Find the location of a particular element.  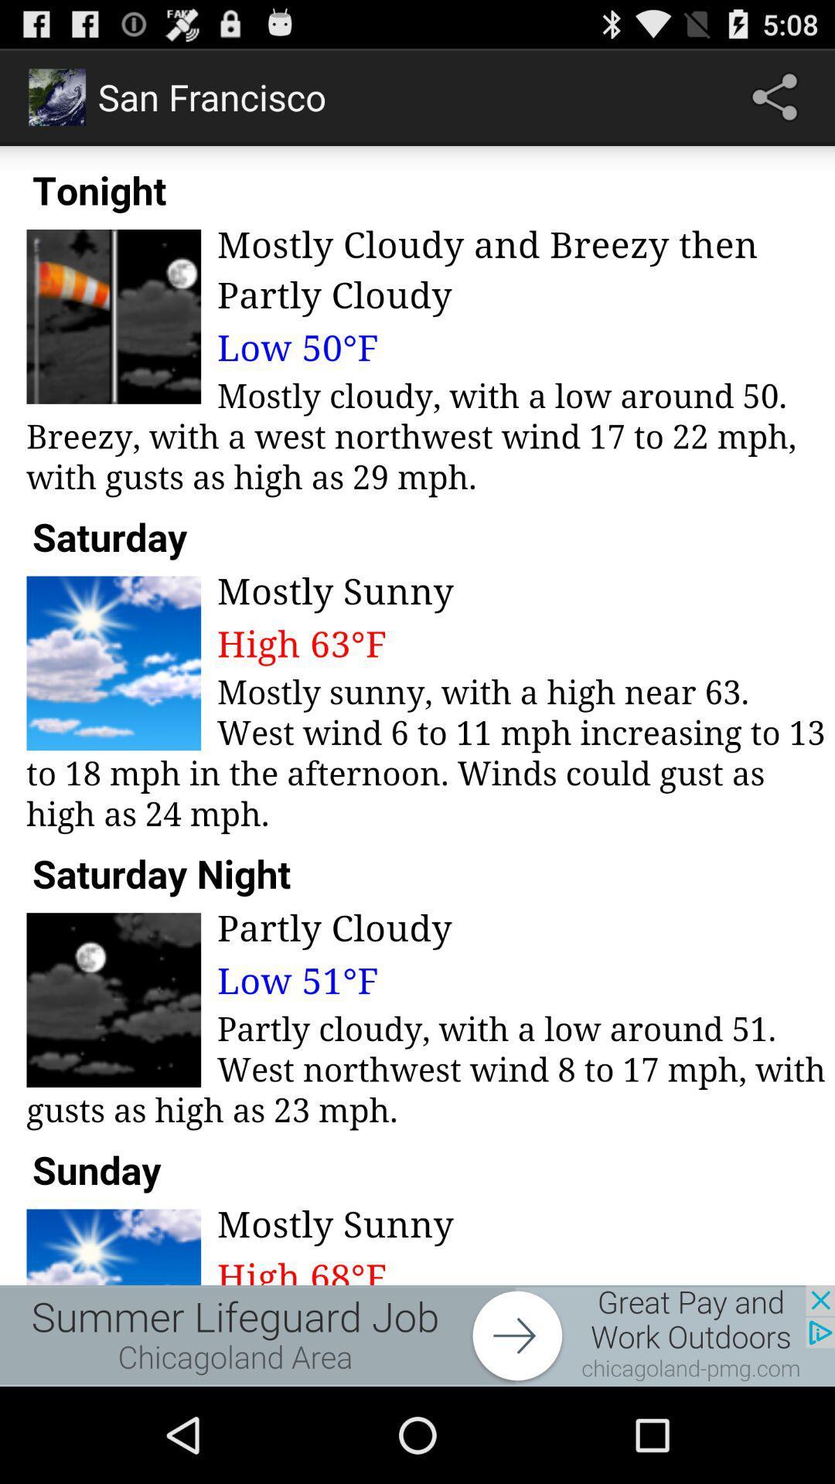

learn about this product is located at coordinates (417, 1335).